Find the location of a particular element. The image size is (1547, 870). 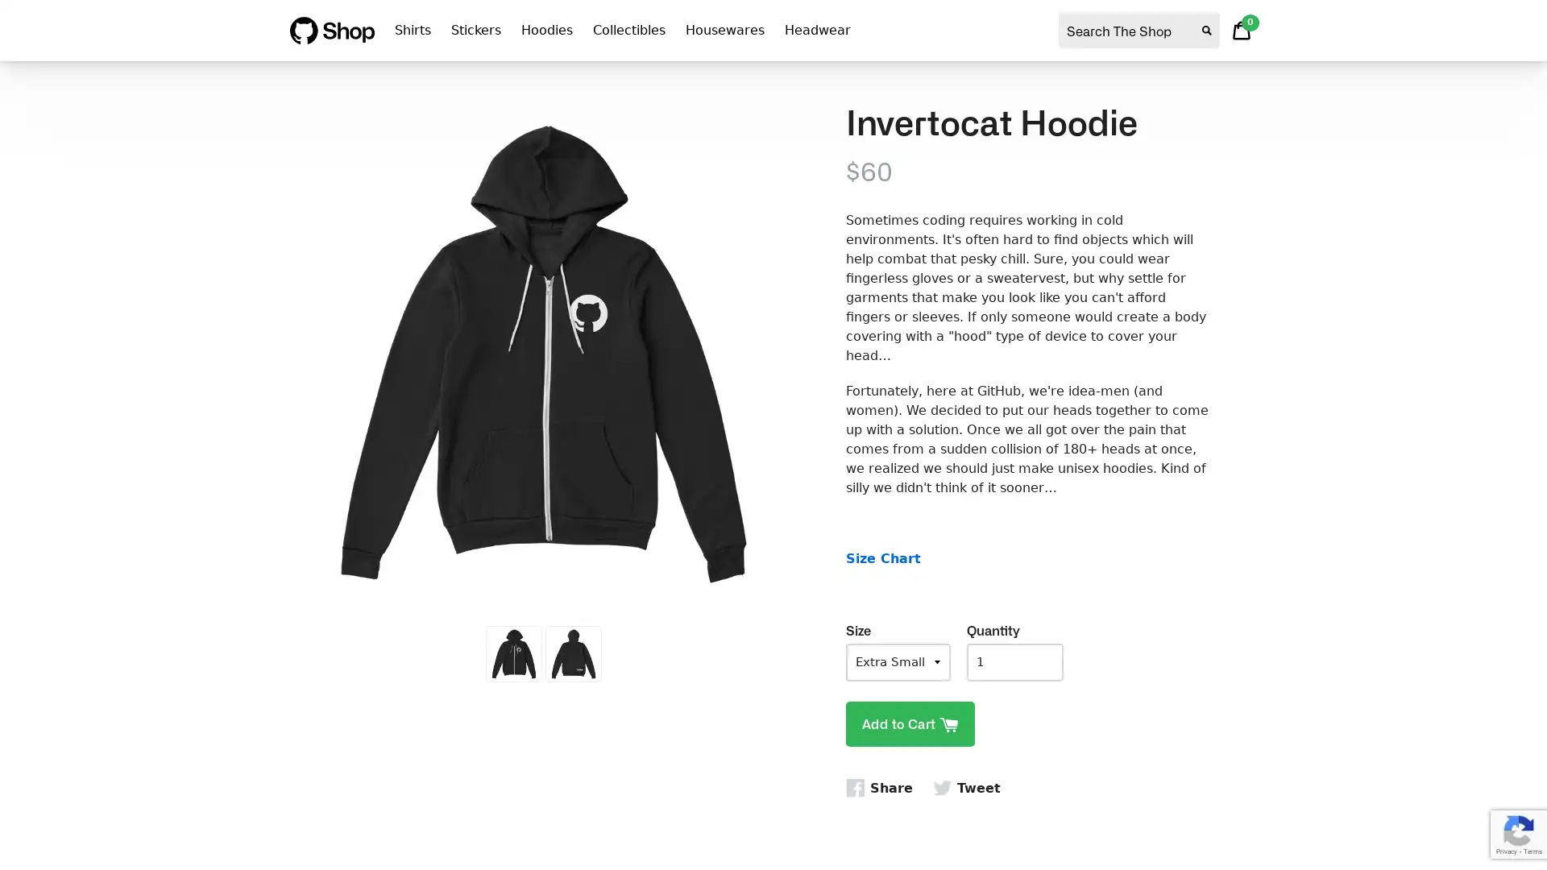

Add to Cart is located at coordinates (910, 723).